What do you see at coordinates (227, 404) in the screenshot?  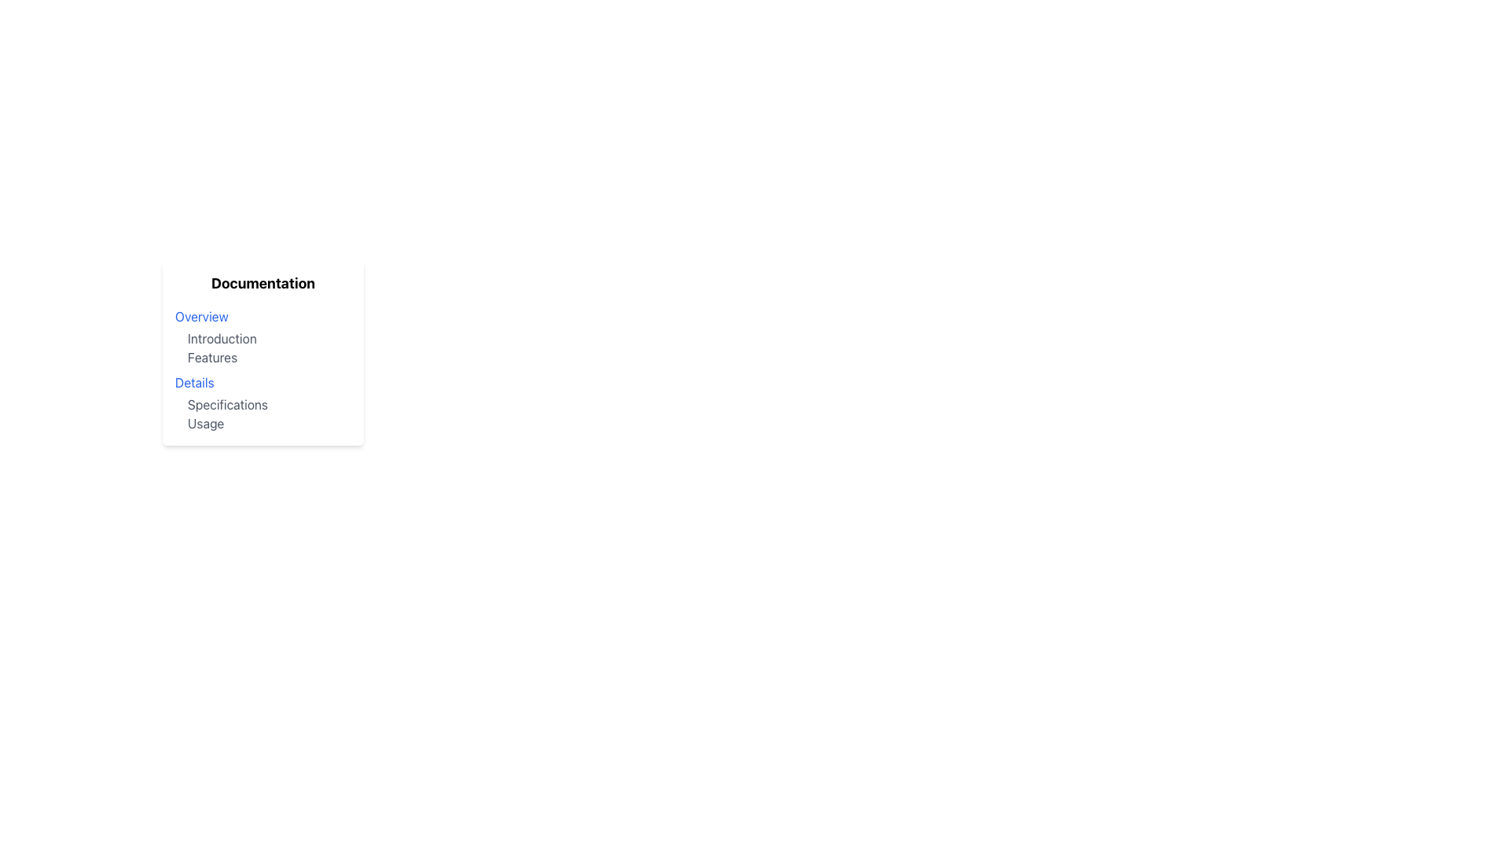 I see `the third hyperlink under the 'Details' section` at bounding box center [227, 404].